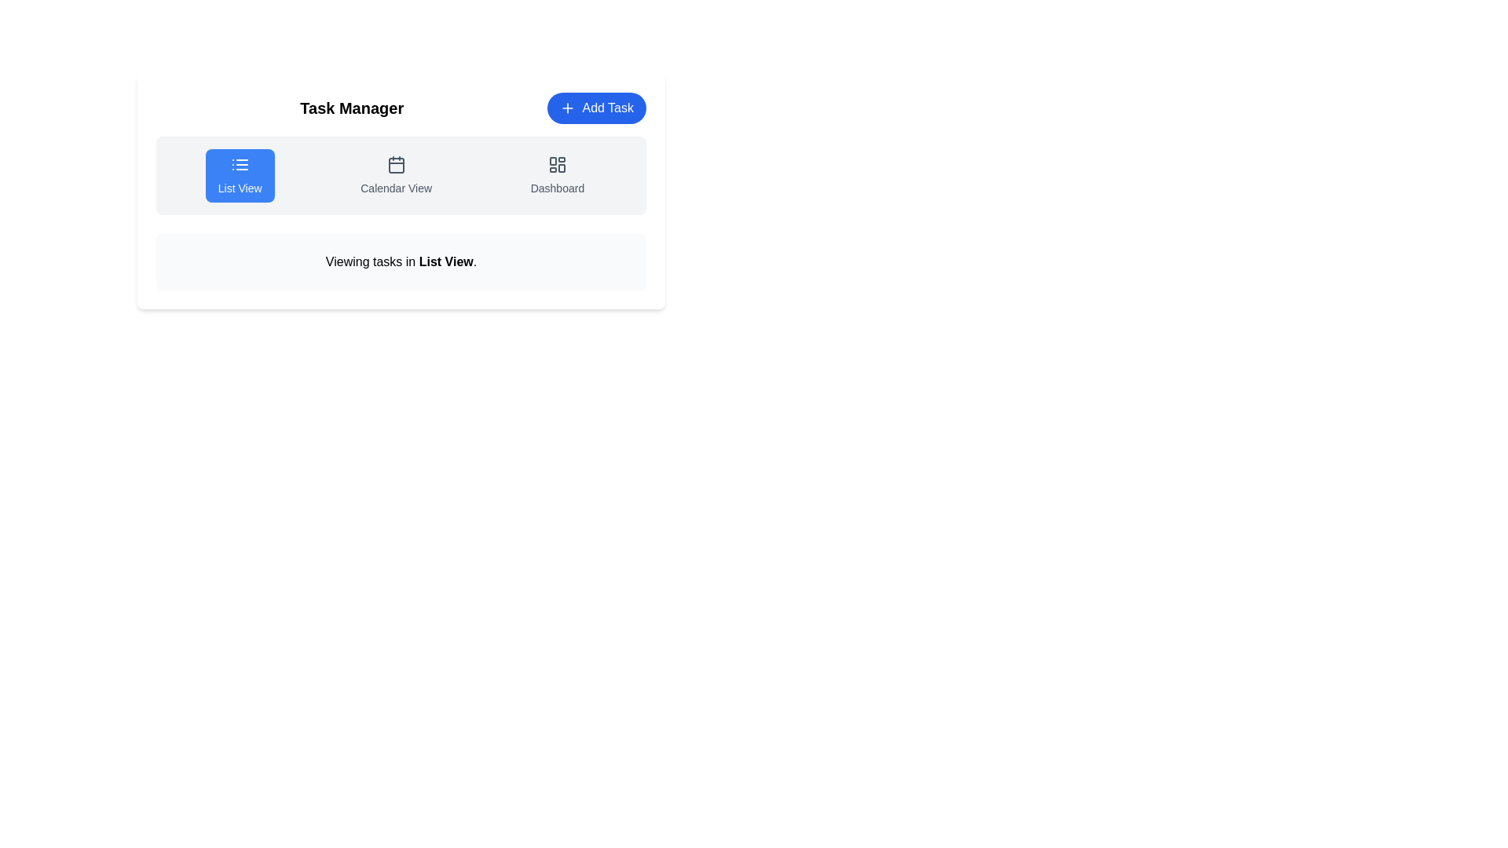 This screenshot has width=1508, height=848. I want to click on the second button in the horizontal trio that activates the Calendar View, located between 'List View' and 'Dashboard', so click(396, 175).